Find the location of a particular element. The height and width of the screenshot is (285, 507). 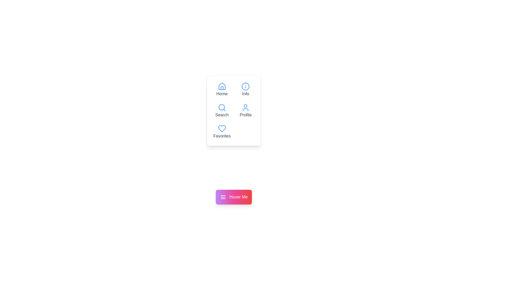

the 'Favorites' text label which is styled with gray color and positioned beneath a heart icon in the menu panel is located at coordinates (222, 136).